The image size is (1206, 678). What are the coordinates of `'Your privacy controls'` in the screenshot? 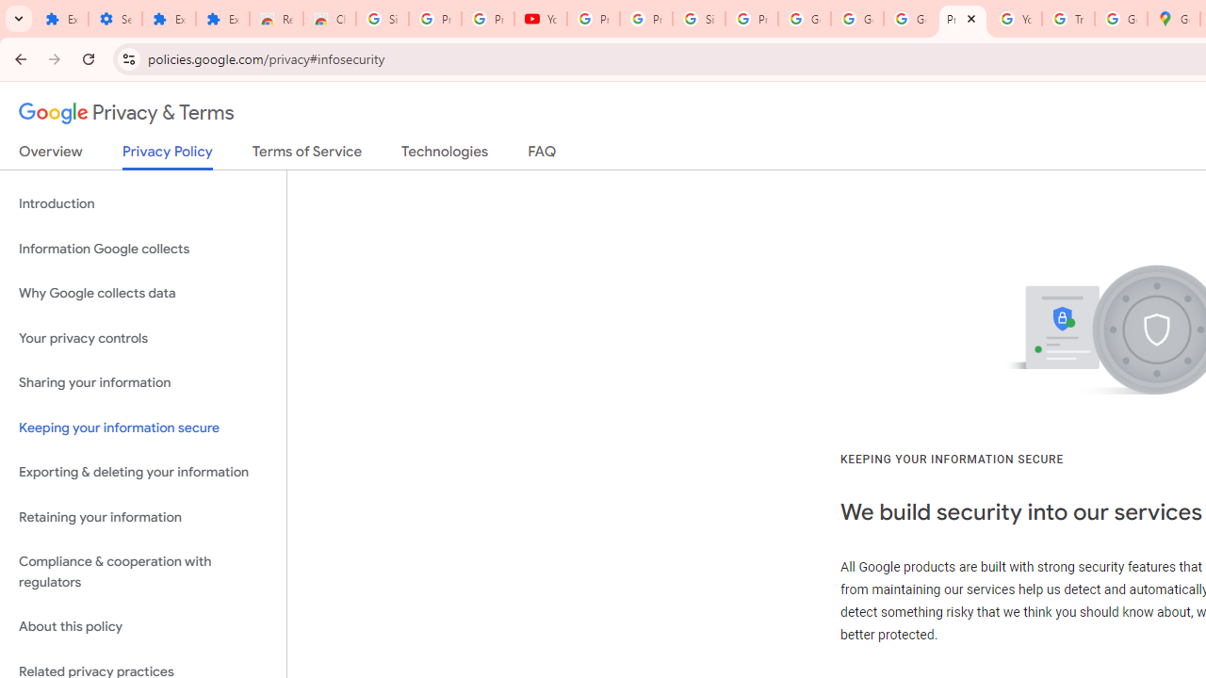 It's located at (142, 337).